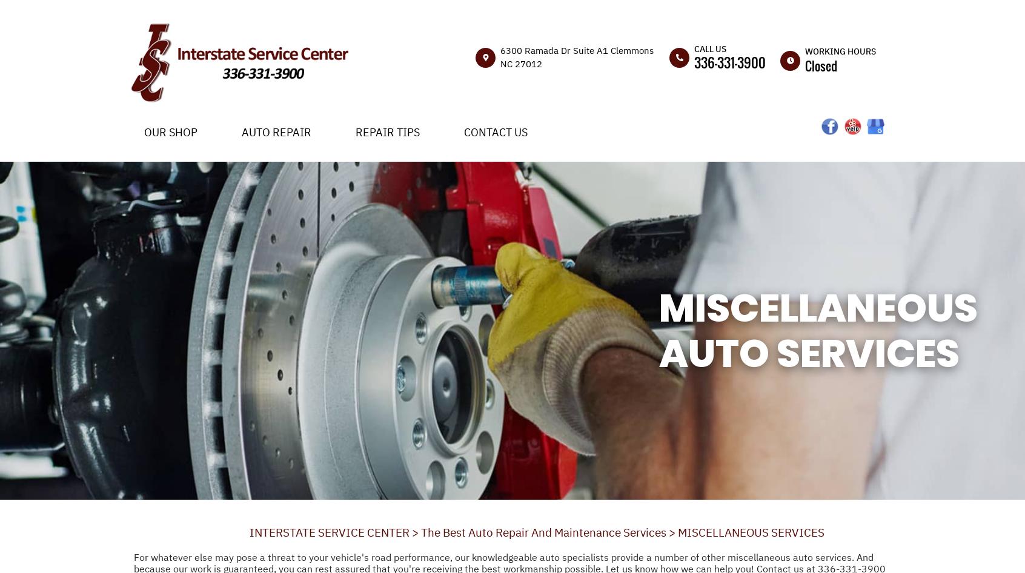 This screenshot has height=573, width=1025. I want to click on 'Sun', so click(796, 275).